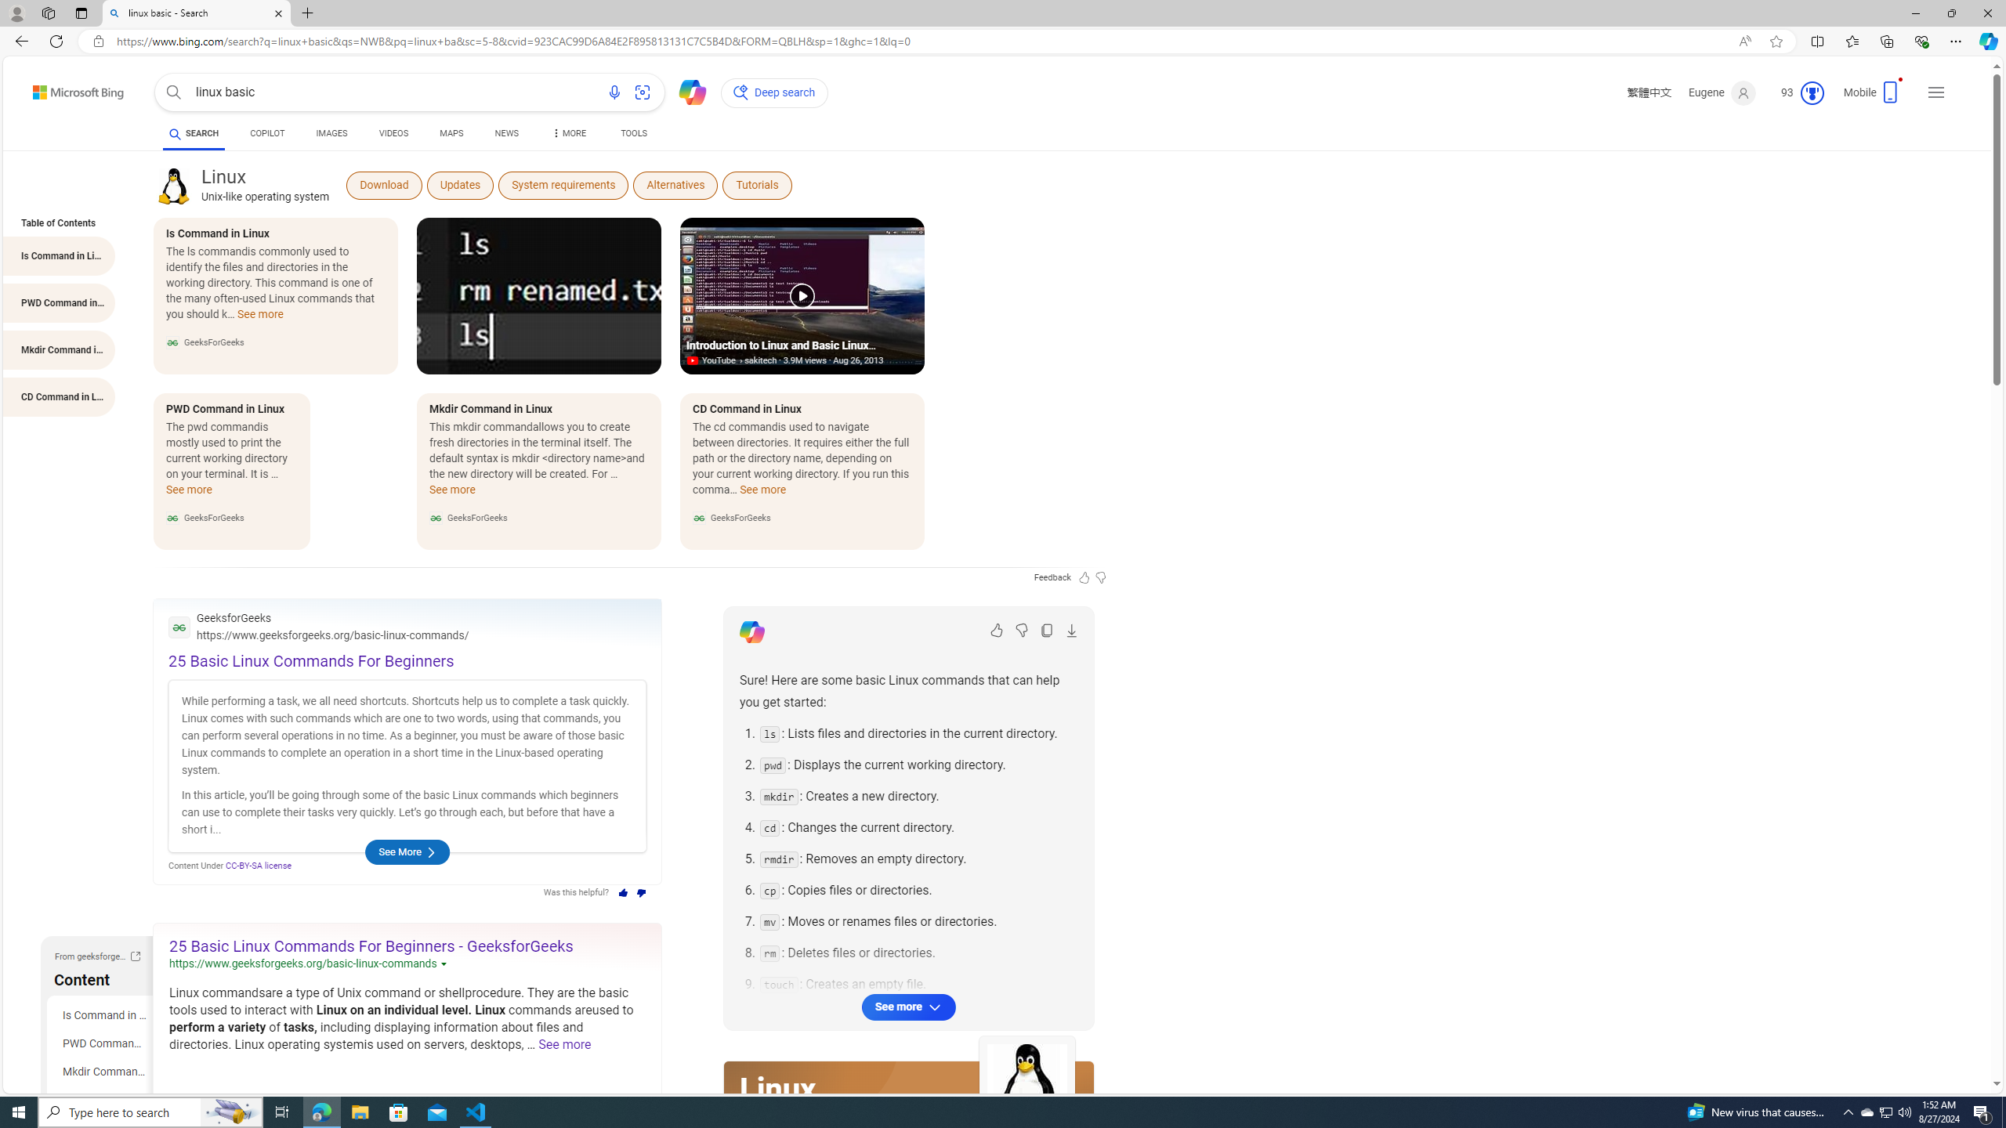  I want to click on 'linux basic - Search', so click(195, 13).